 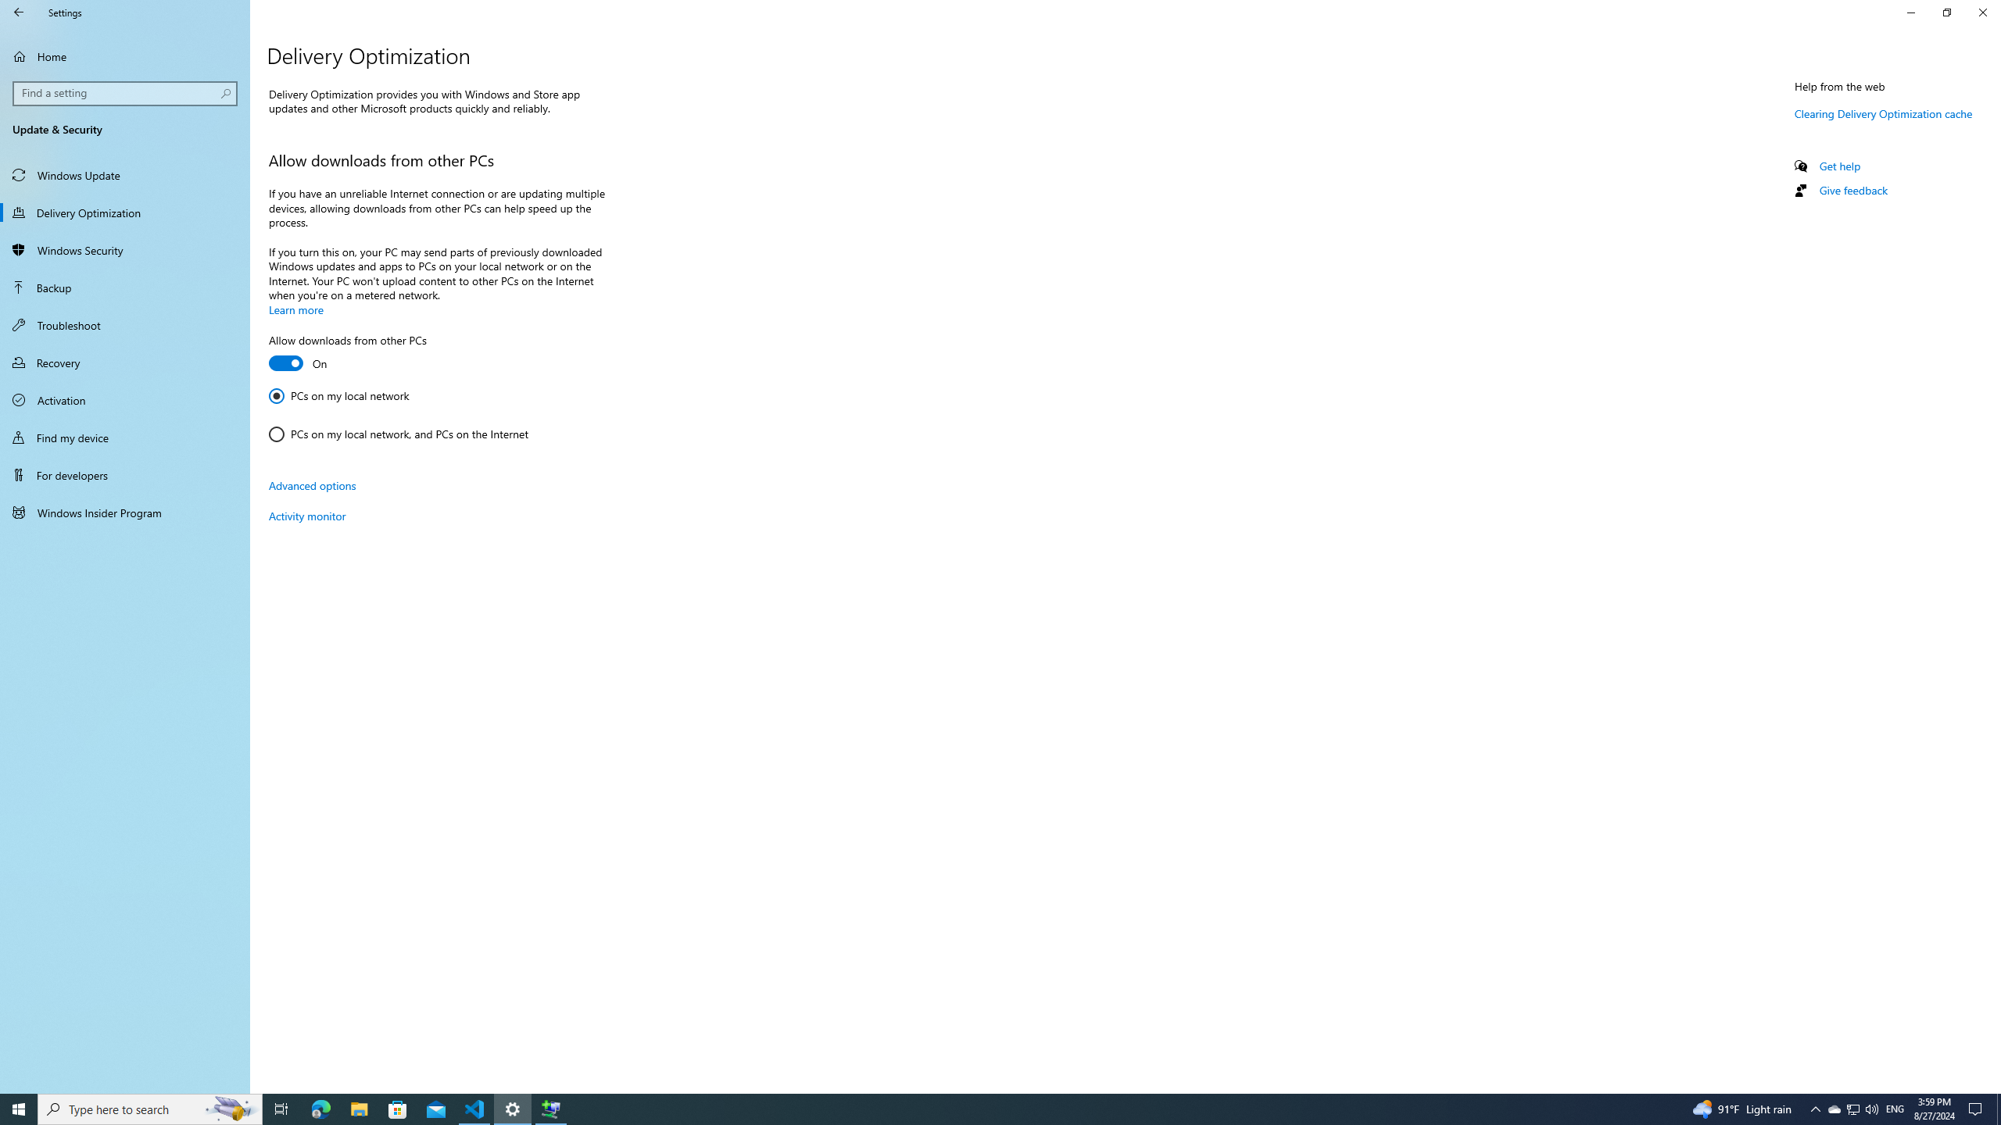 I want to click on 'Home', so click(x=124, y=56).